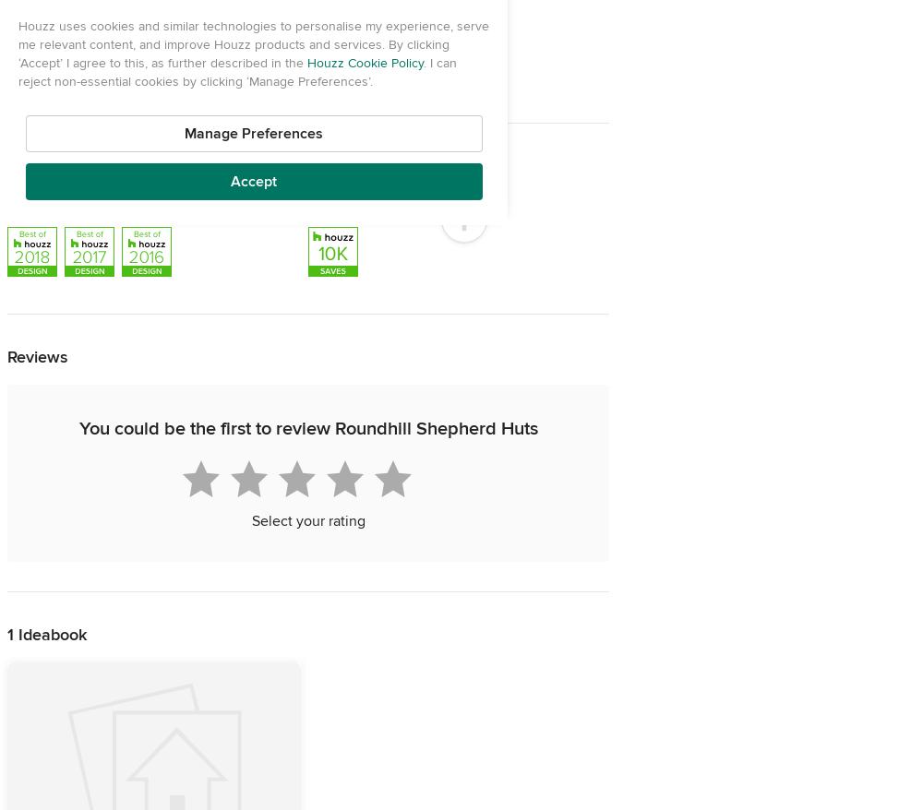 This screenshot has height=810, width=923. What do you see at coordinates (35, 39) in the screenshot?
I see `'Address'` at bounding box center [35, 39].